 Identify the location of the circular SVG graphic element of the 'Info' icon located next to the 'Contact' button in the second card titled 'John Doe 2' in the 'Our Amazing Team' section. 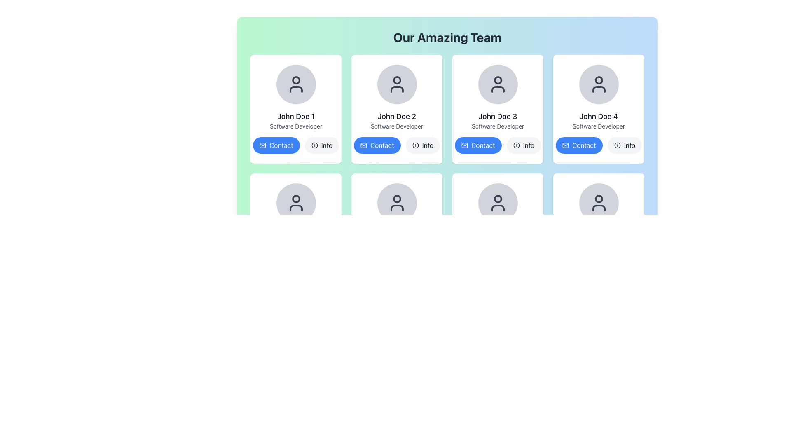
(314, 145).